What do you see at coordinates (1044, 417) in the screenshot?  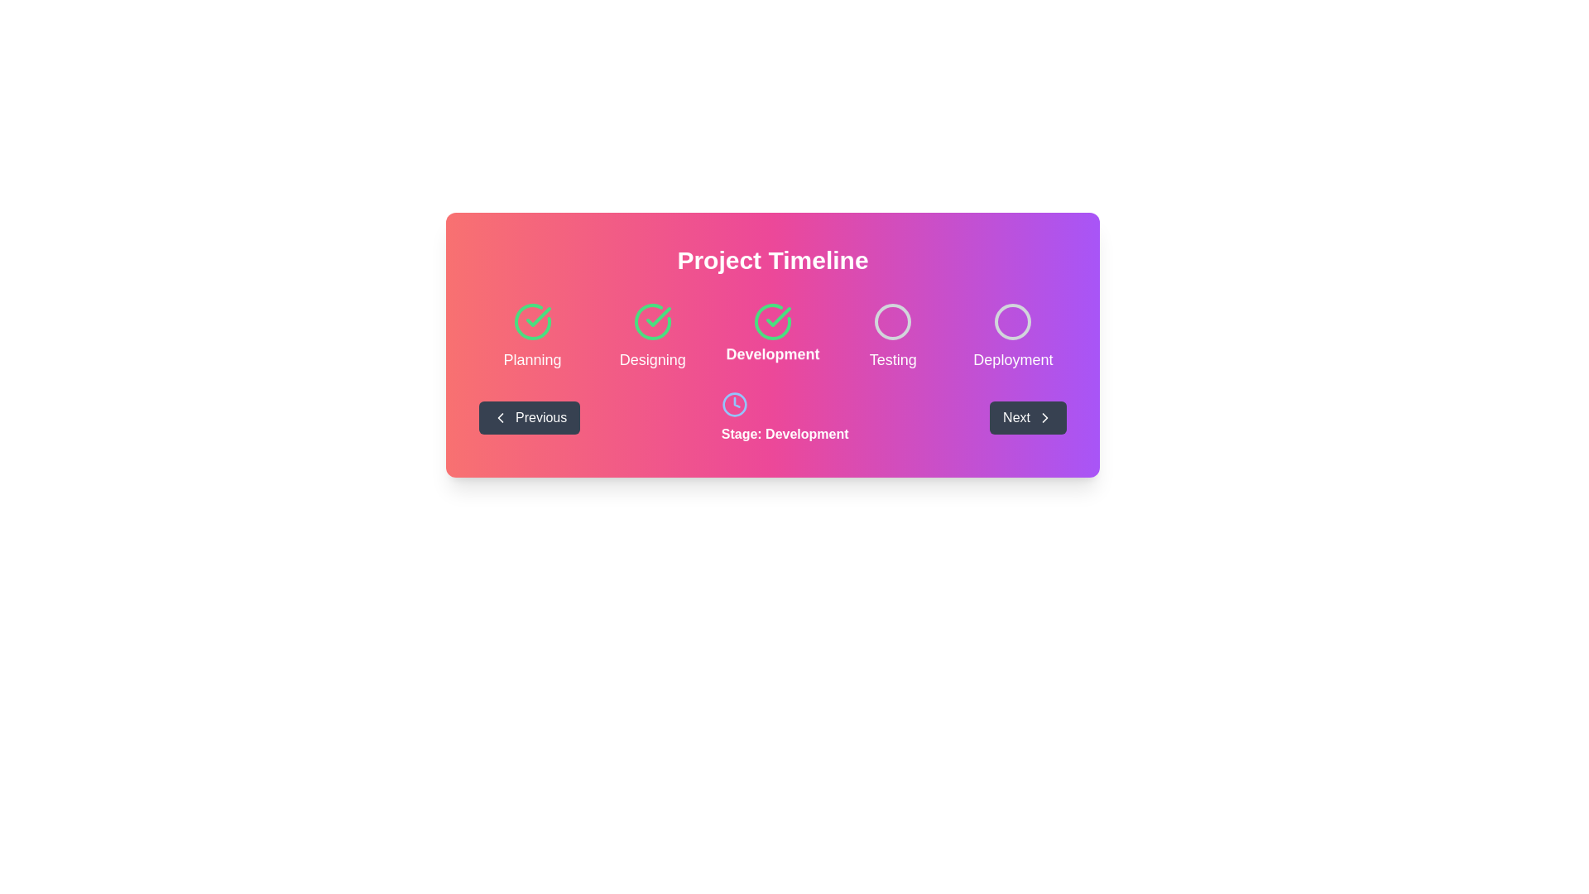 I see `the Chevron icon located centrally within the 'Next' button at the bottom-right corner of the gradient-colored project timeline card for navigation` at bounding box center [1044, 417].